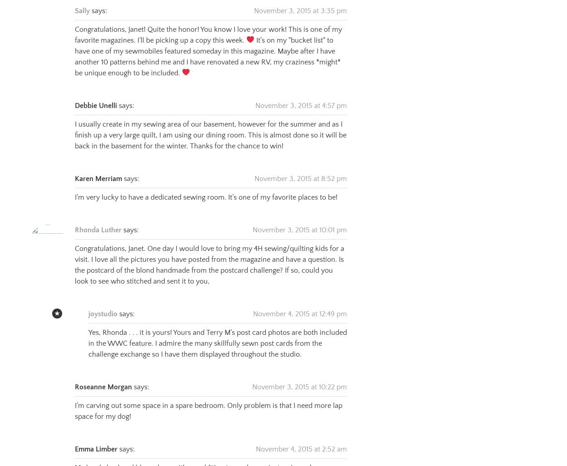 The height and width of the screenshot is (466, 567). Describe the element at coordinates (75, 167) in the screenshot. I see `'Karen Merriam'` at that location.